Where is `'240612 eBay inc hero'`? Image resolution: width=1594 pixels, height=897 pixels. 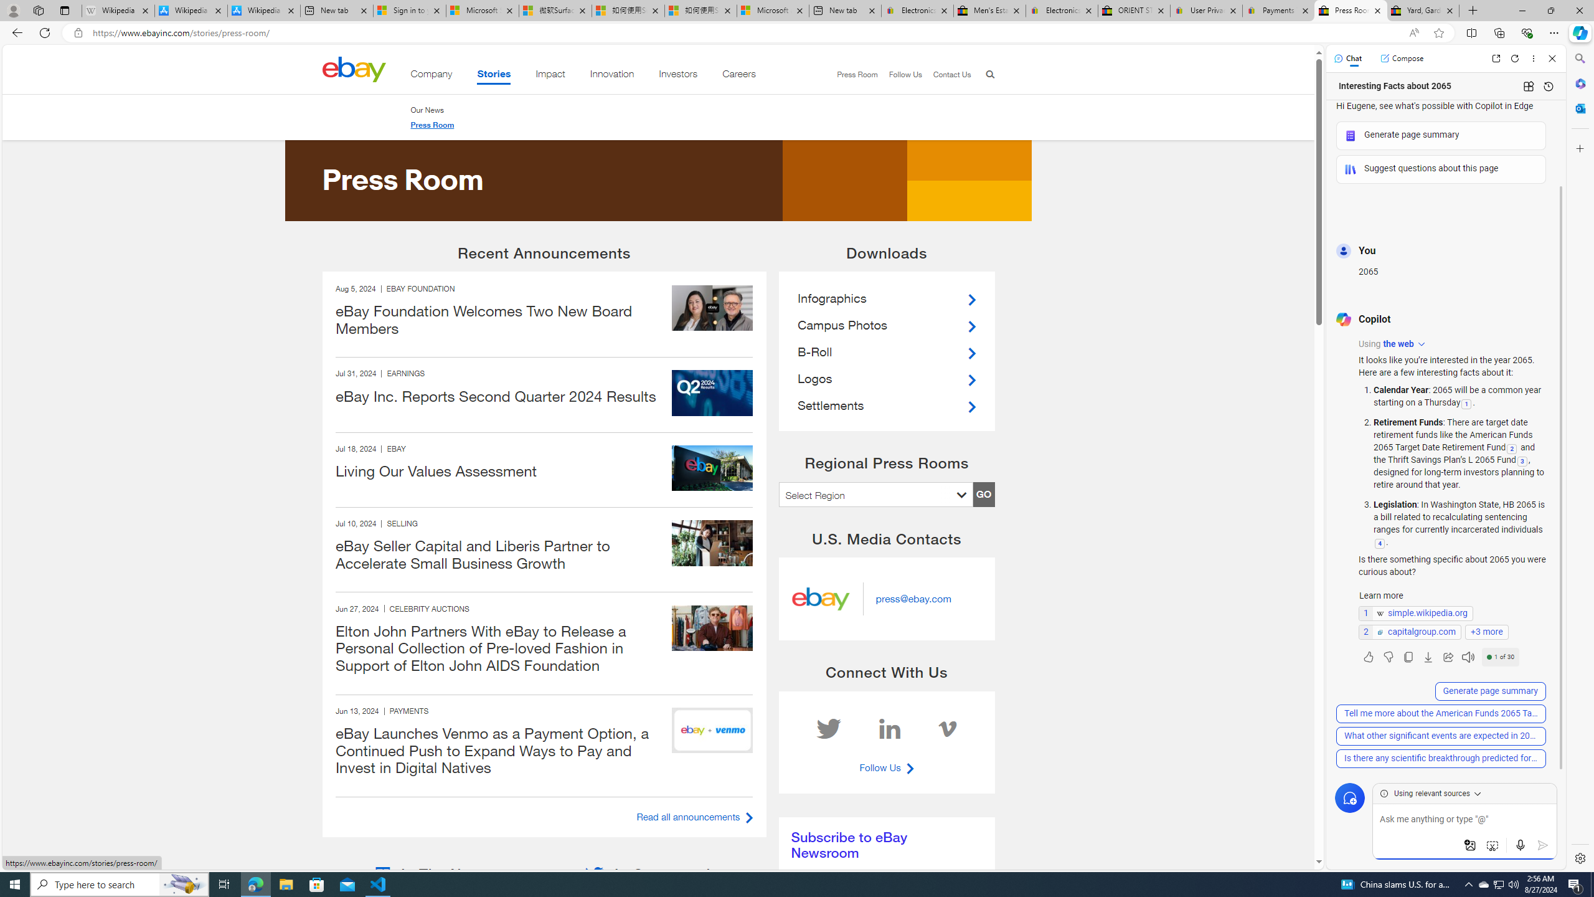 '240612 eBay inc hero' is located at coordinates (712, 729).